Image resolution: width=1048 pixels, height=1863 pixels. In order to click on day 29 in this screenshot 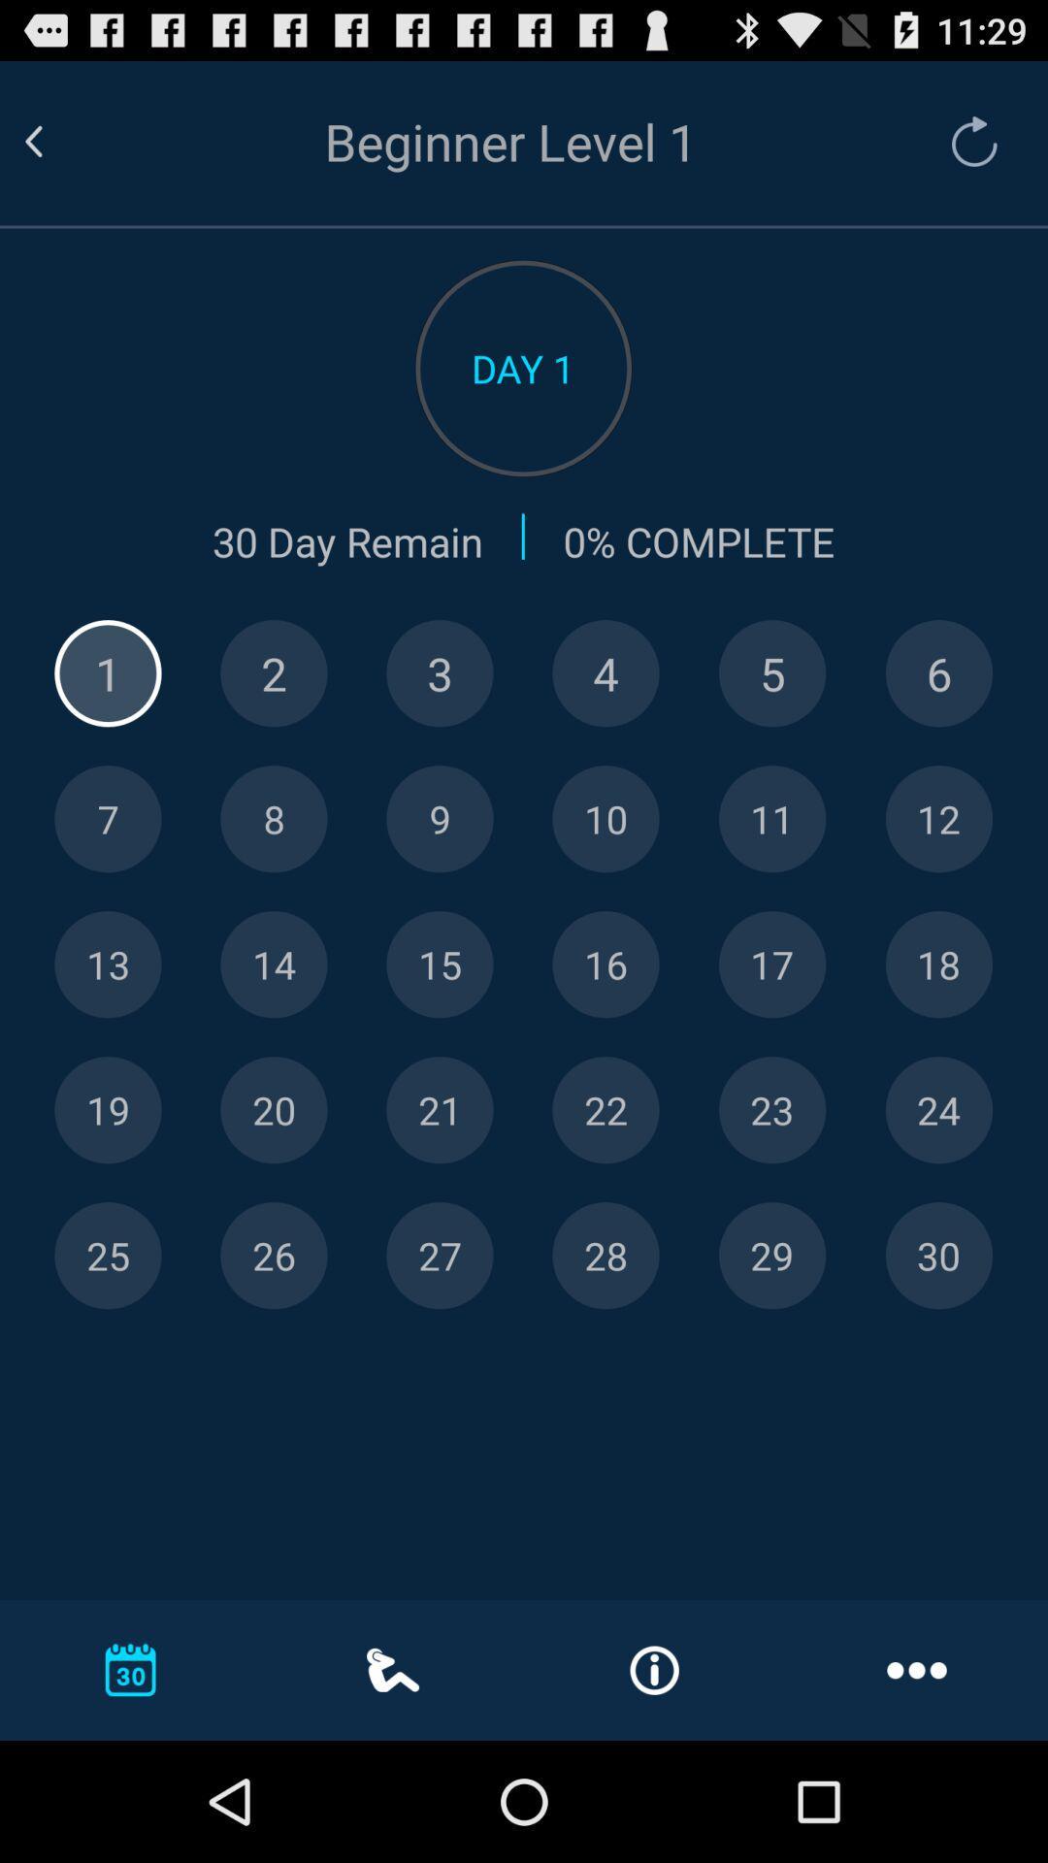, I will do `click(771, 1256)`.